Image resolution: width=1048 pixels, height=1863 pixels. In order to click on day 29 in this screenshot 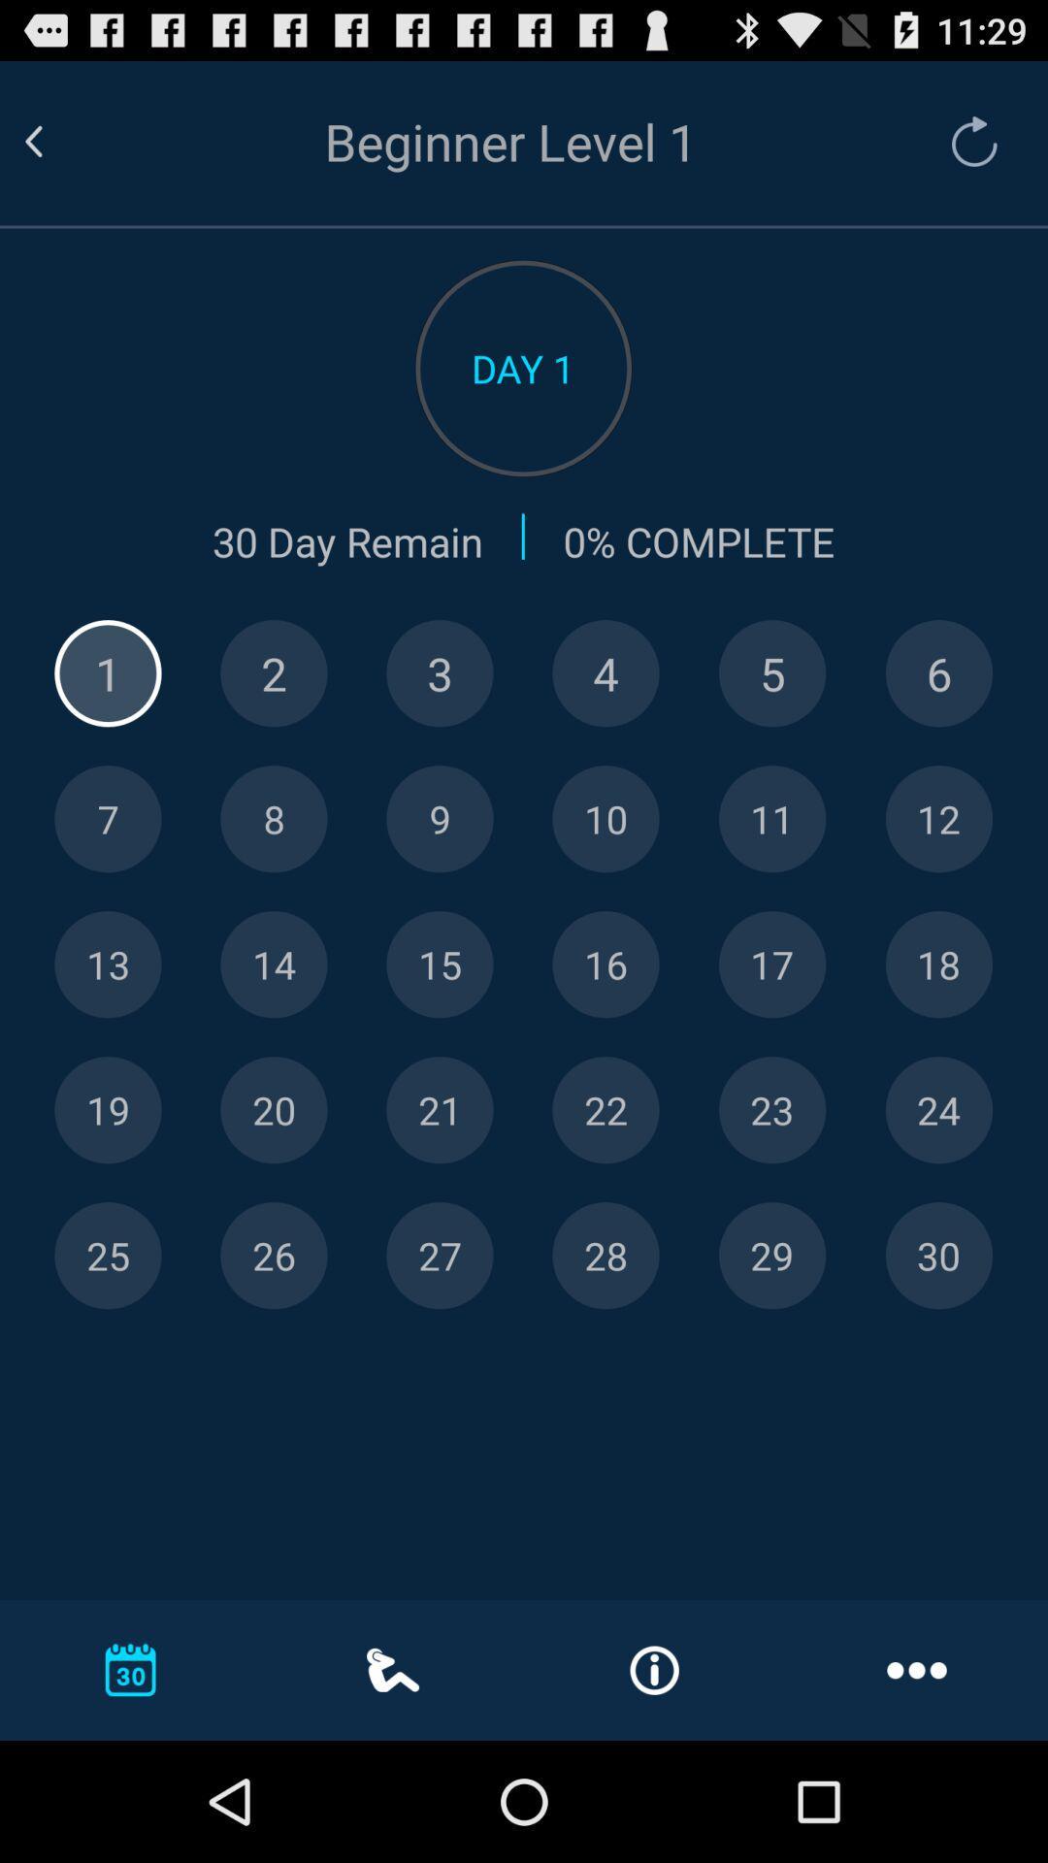, I will do `click(771, 1256)`.